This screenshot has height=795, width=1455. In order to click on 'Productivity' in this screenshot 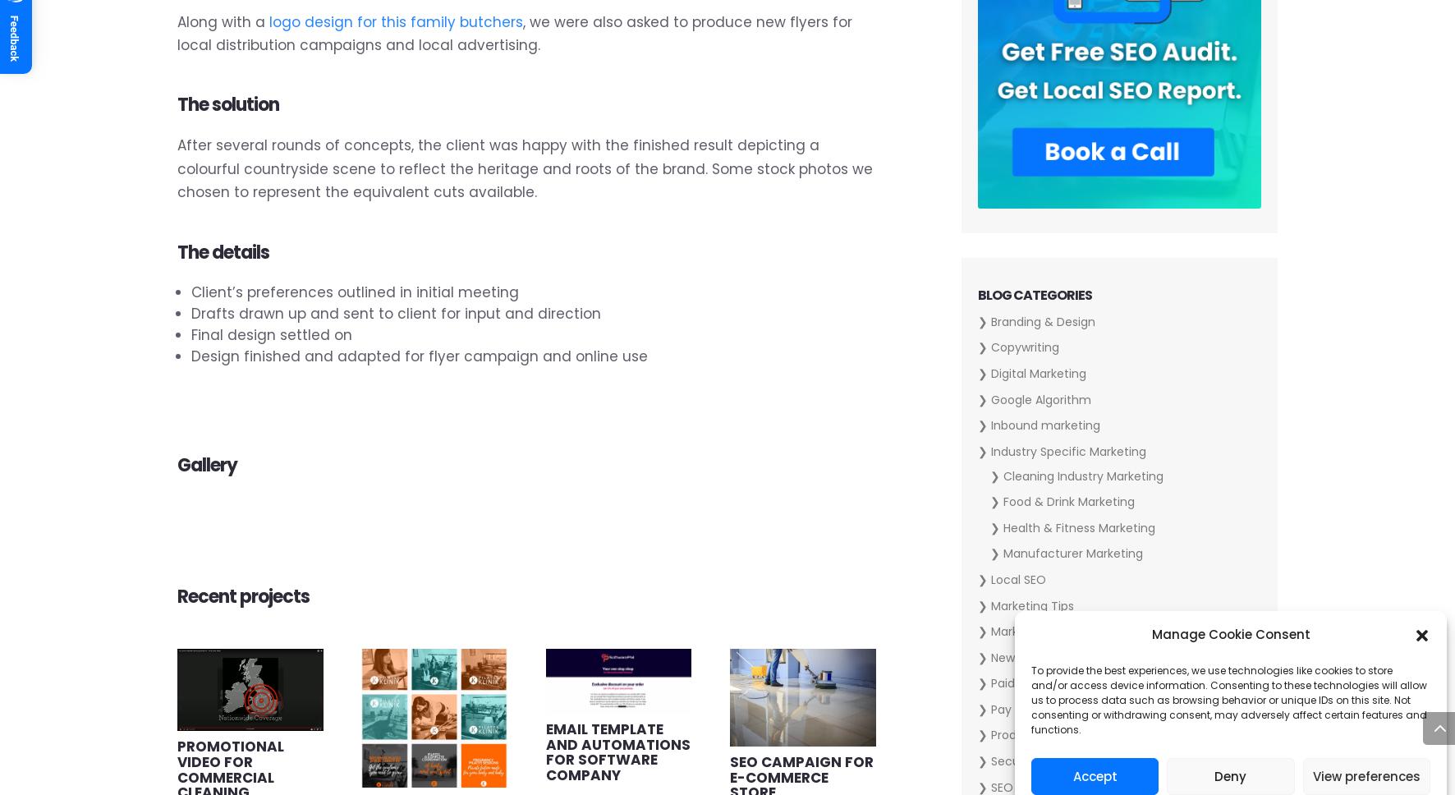, I will do `click(1024, 735)`.